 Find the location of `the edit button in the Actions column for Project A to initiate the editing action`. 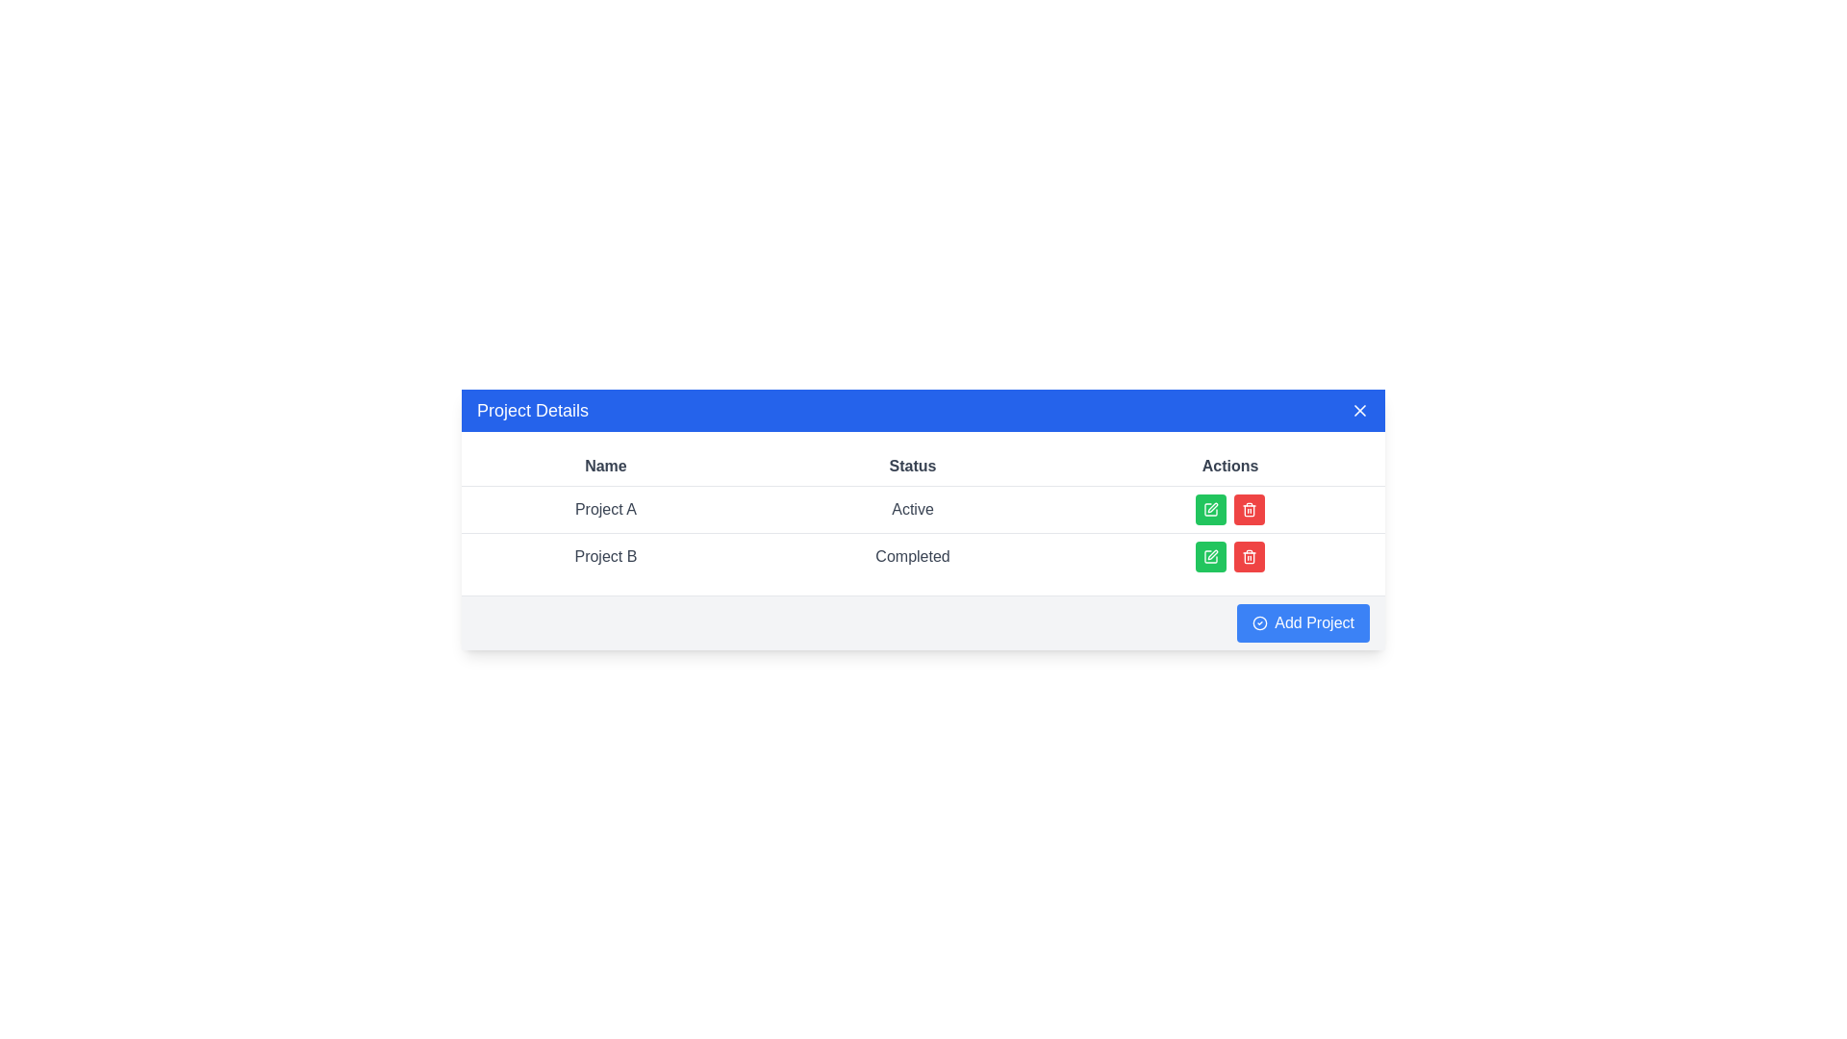

the edit button in the Actions column for Project A to initiate the editing action is located at coordinates (1210, 556).